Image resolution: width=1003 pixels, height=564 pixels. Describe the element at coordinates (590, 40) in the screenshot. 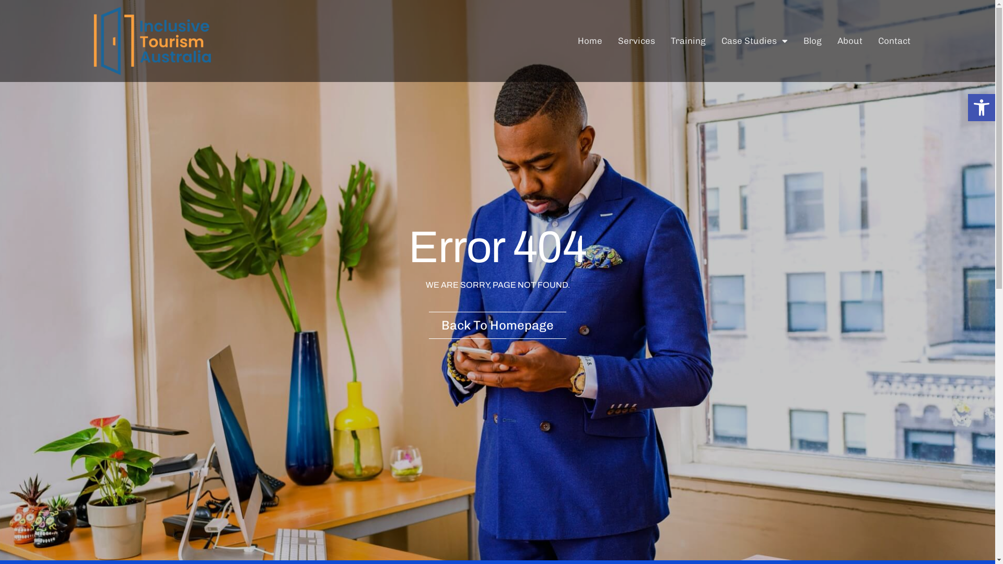

I see `'Home'` at that location.